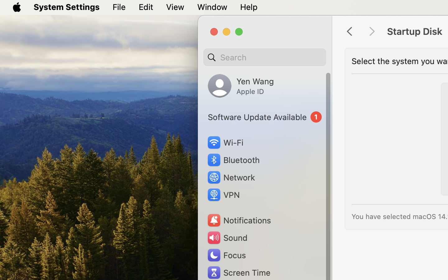 Image resolution: width=448 pixels, height=280 pixels. What do you see at coordinates (238, 272) in the screenshot?
I see `'Screen Time'` at bounding box center [238, 272].